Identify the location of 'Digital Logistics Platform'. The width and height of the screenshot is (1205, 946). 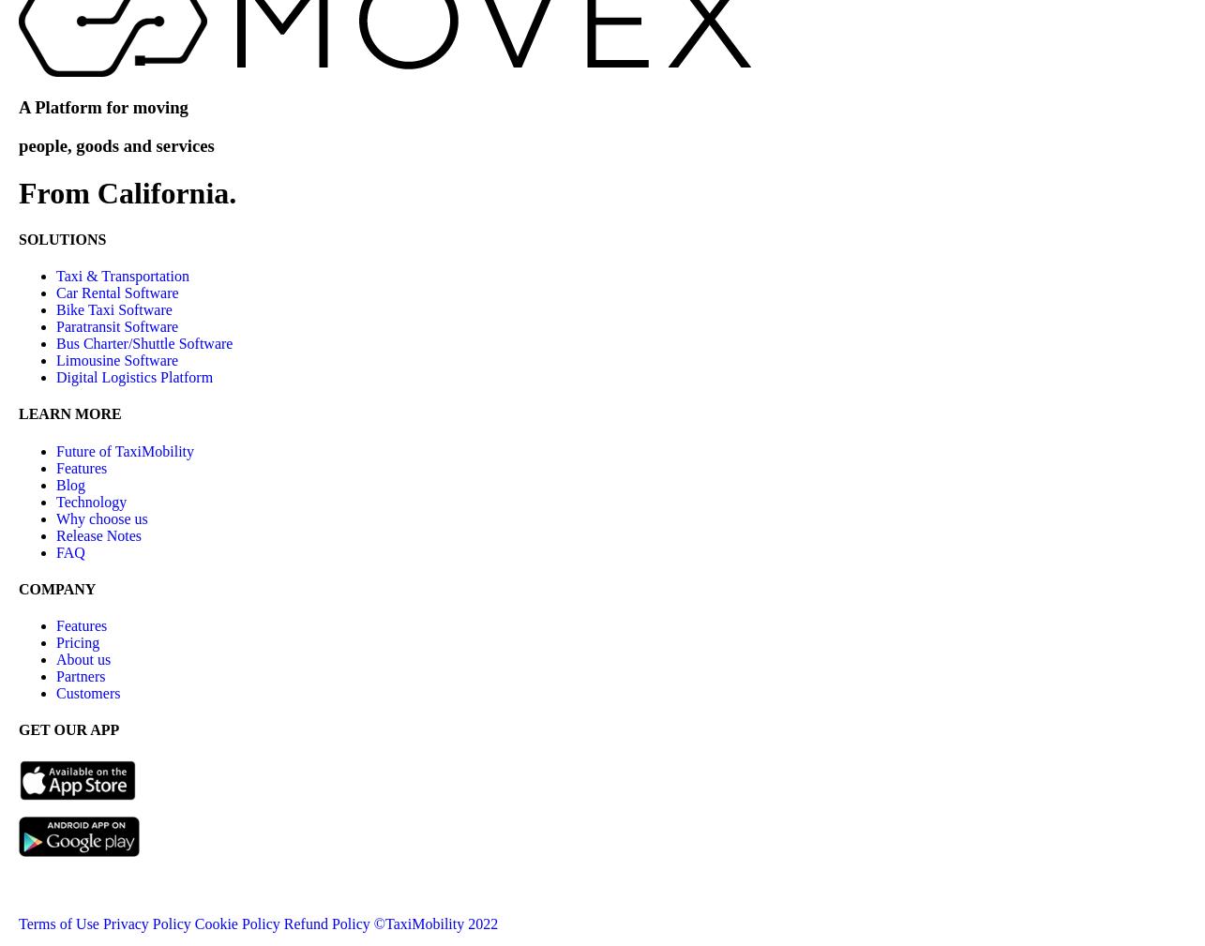
(134, 376).